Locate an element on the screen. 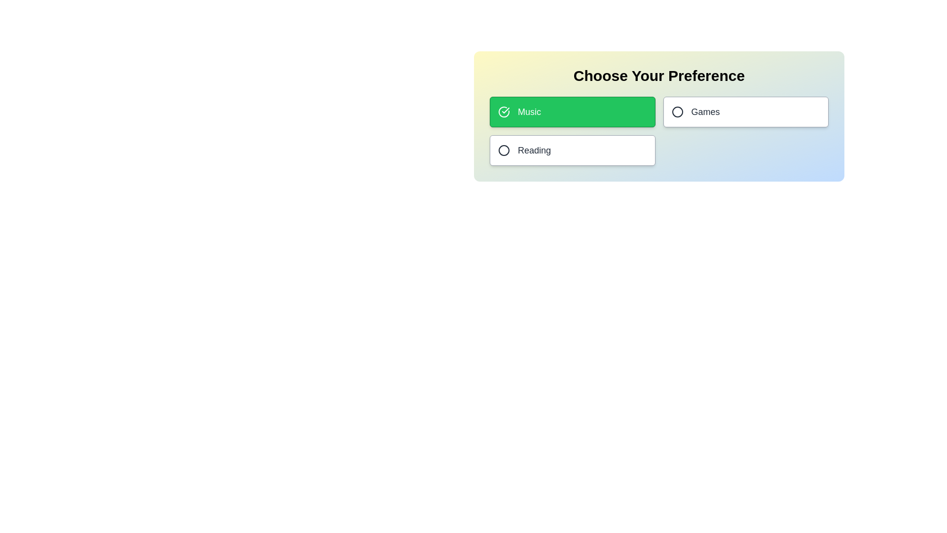 This screenshot has height=533, width=947. the circular SVG graphical element located within the 'Games' button is located at coordinates (677, 112).